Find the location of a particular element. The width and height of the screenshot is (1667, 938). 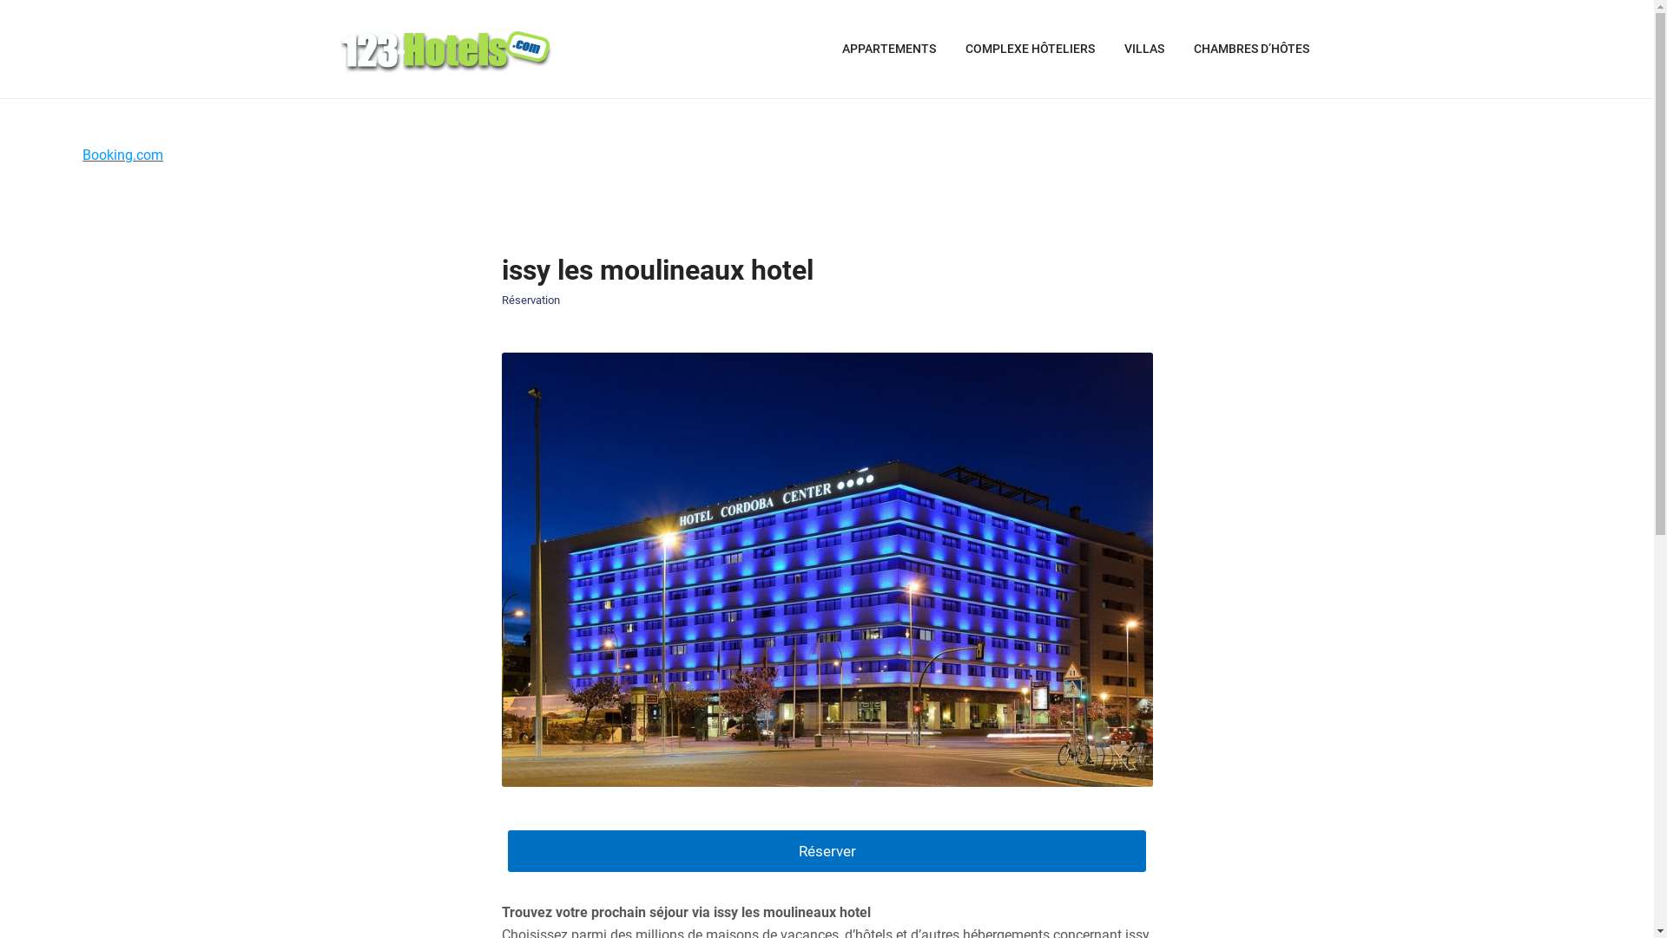

'Booking.com' is located at coordinates (82, 154).